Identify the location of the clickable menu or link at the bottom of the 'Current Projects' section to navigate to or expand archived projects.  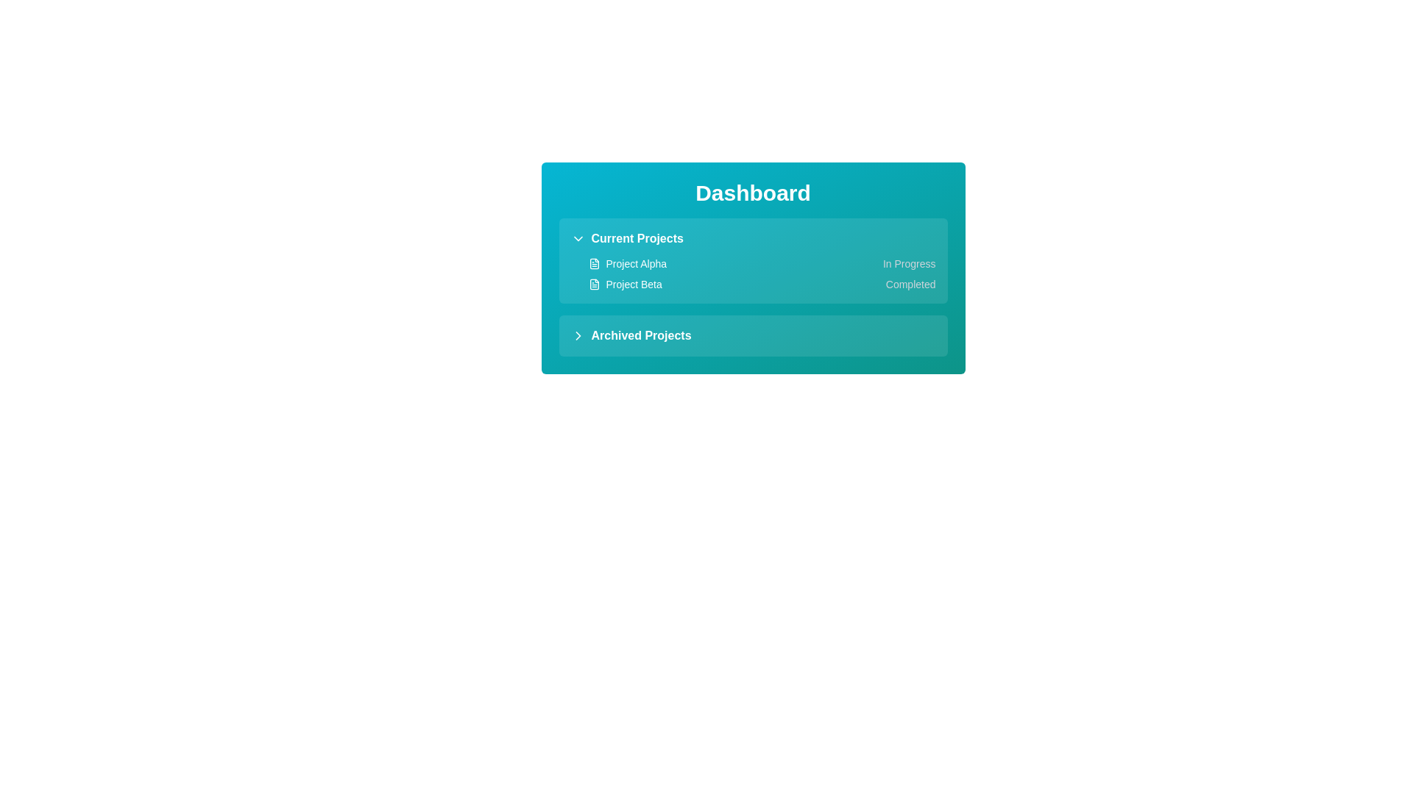
(631, 335).